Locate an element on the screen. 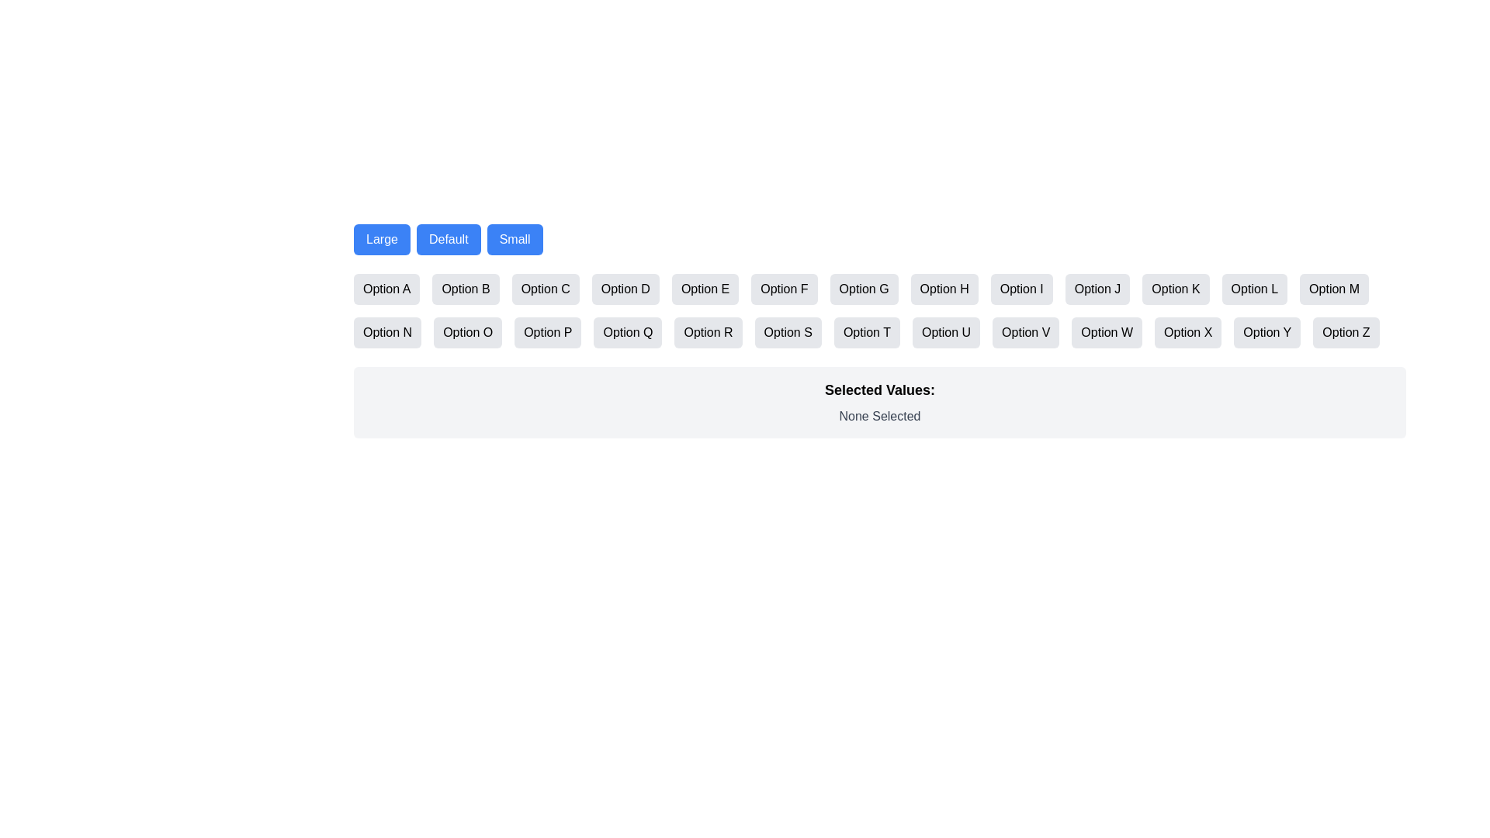 This screenshot has width=1490, height=838. the 'Option Z' button, which is a rectangular button with rounded corners and a light gray background, located at the bottom right corner of the grid layout is located at coordinates (1345, 331).